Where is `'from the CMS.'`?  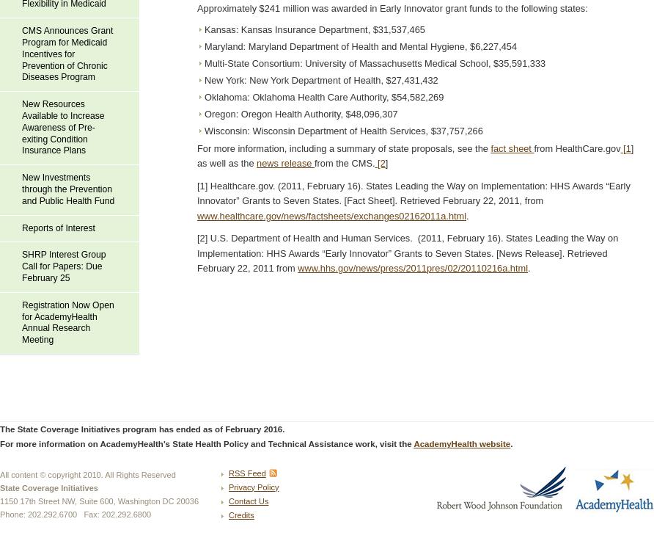
'from the CMS.' is located at coordinates (344, 163).